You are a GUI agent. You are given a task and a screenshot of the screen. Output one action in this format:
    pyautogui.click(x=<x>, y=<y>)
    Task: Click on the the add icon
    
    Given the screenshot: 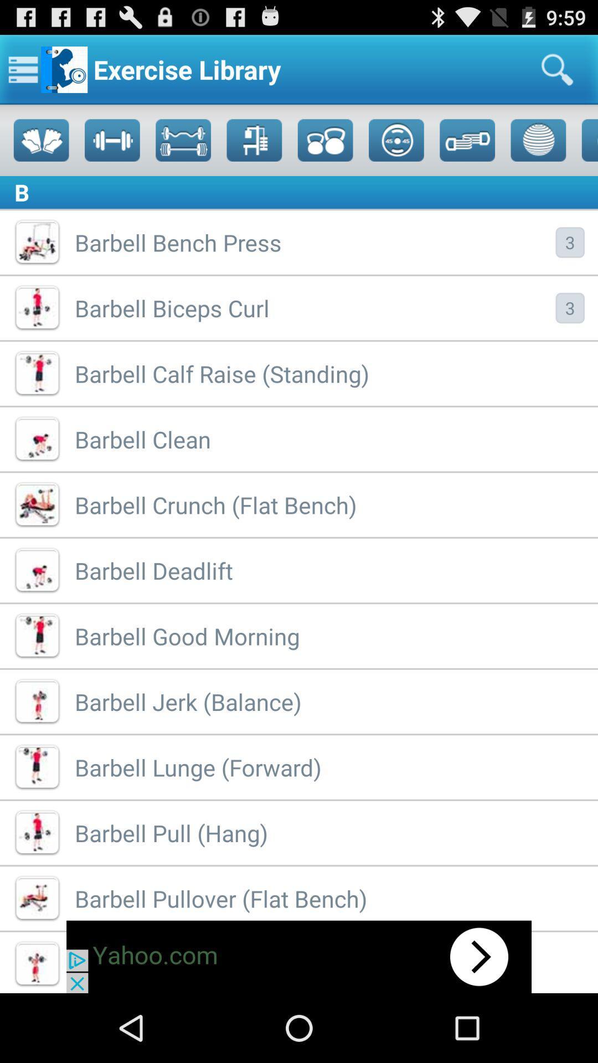 What is the action you would take?
    pyautogui.click(x=395, y=149)
    